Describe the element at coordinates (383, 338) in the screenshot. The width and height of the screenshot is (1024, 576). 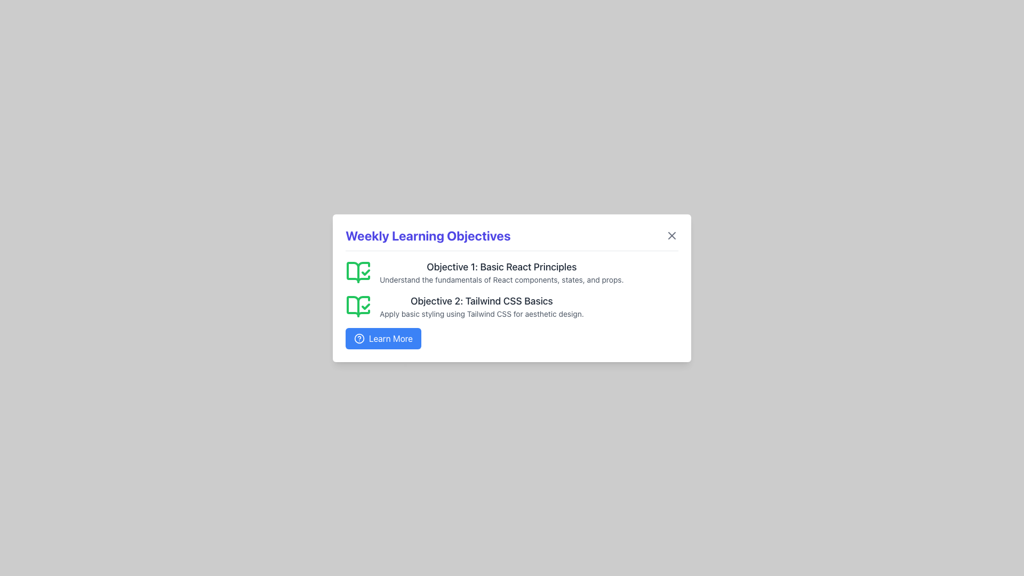
I see `the 'Learn More' button with a blue background and a question mark icon` at that location.